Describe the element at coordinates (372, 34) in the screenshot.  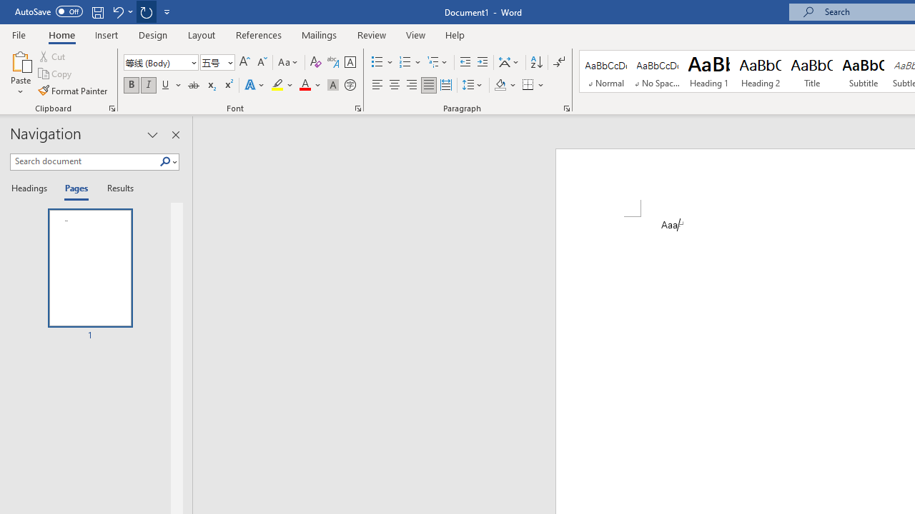
I see `'Review'` at that location.